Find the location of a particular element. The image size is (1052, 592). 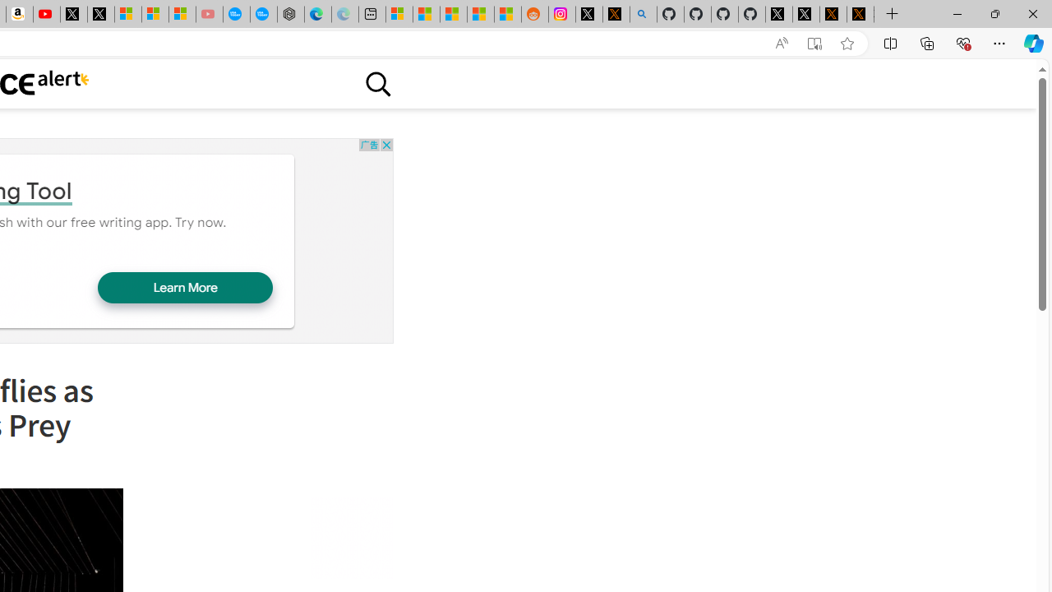

'Nordace - Nordace has arrived Hong Kong' is located at coordinates (290, 14).